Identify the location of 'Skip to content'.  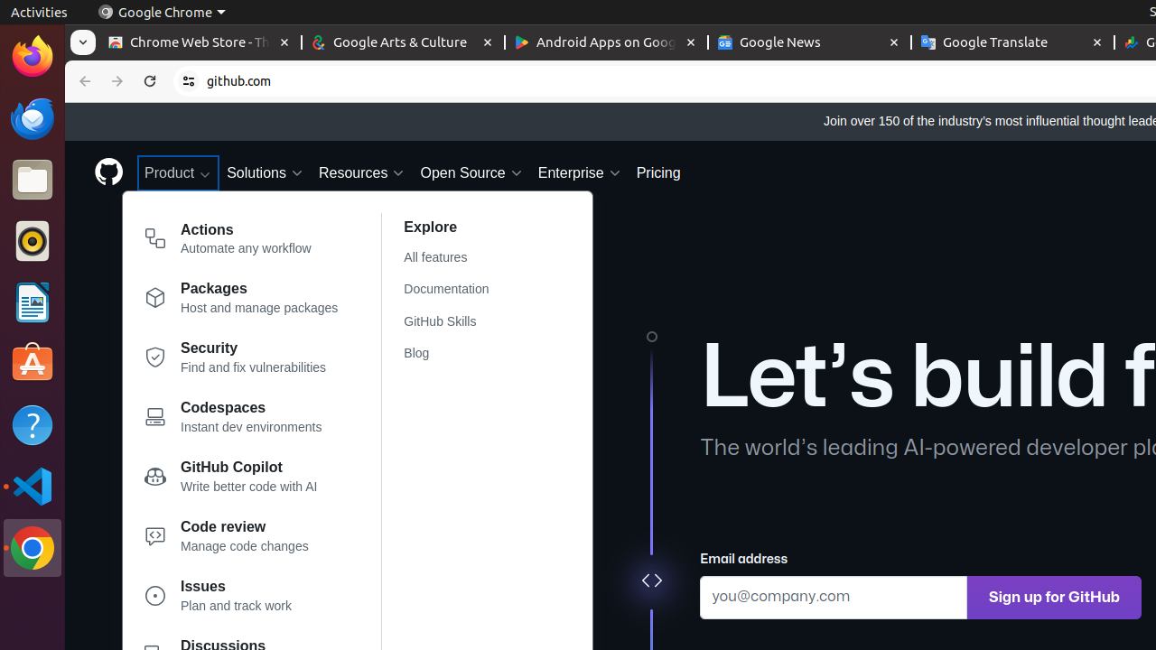
(65, 103).